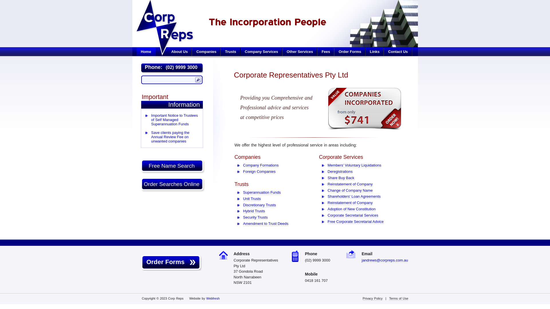  Describe the element at coordinates (170, 262) in the screenshot. I see `'    Order Forms'` at that location.